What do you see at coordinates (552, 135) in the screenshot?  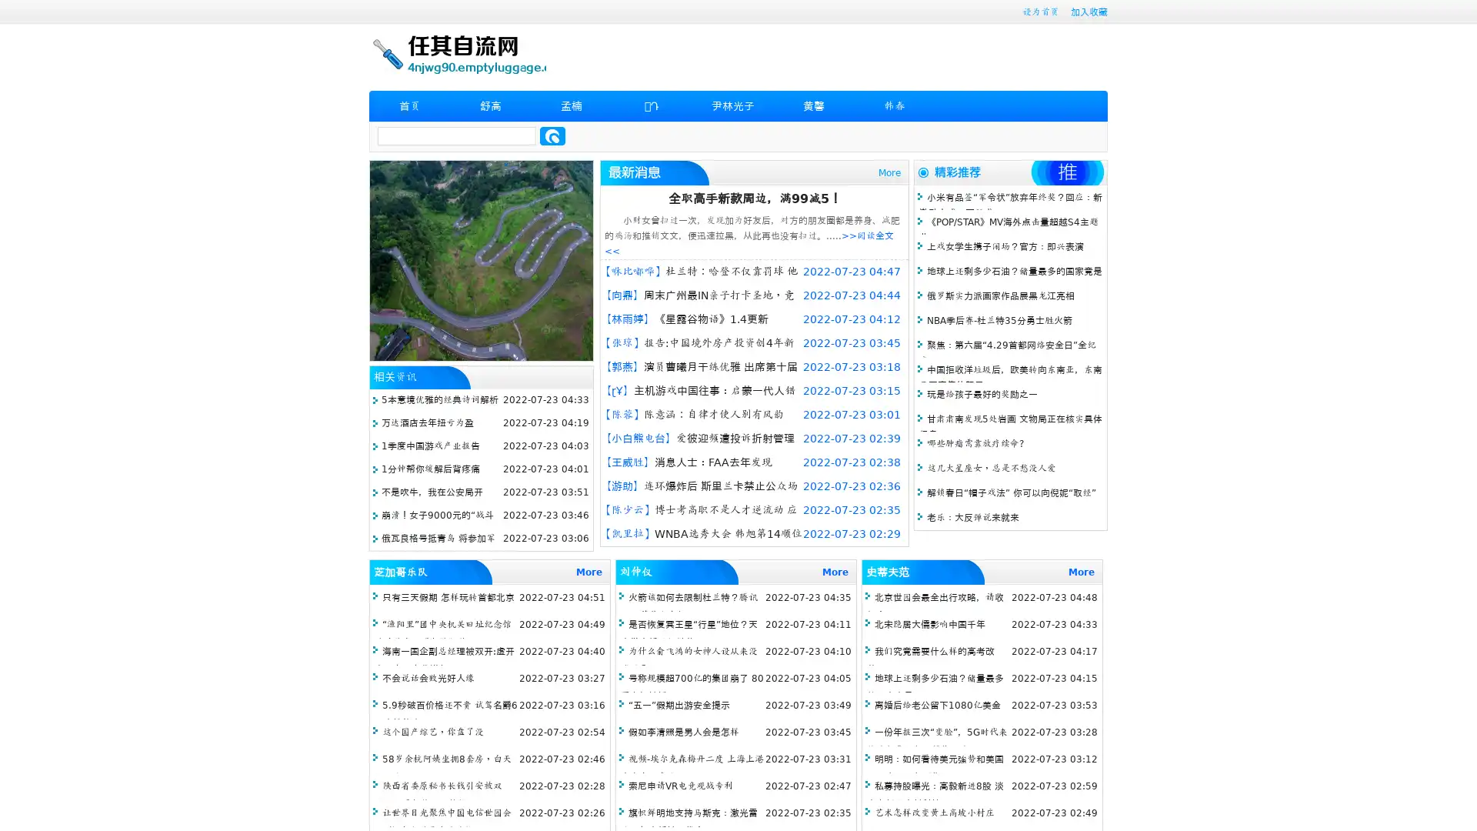 I see `Search` at bounding box center [552, 135].